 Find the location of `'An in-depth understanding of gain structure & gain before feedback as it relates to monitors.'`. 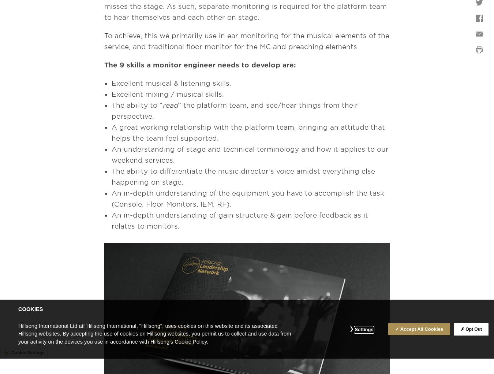

'An in-depth understanding of gain structure & gain before feedback as it relates to monitors.' is located at coordinates (240, 221).